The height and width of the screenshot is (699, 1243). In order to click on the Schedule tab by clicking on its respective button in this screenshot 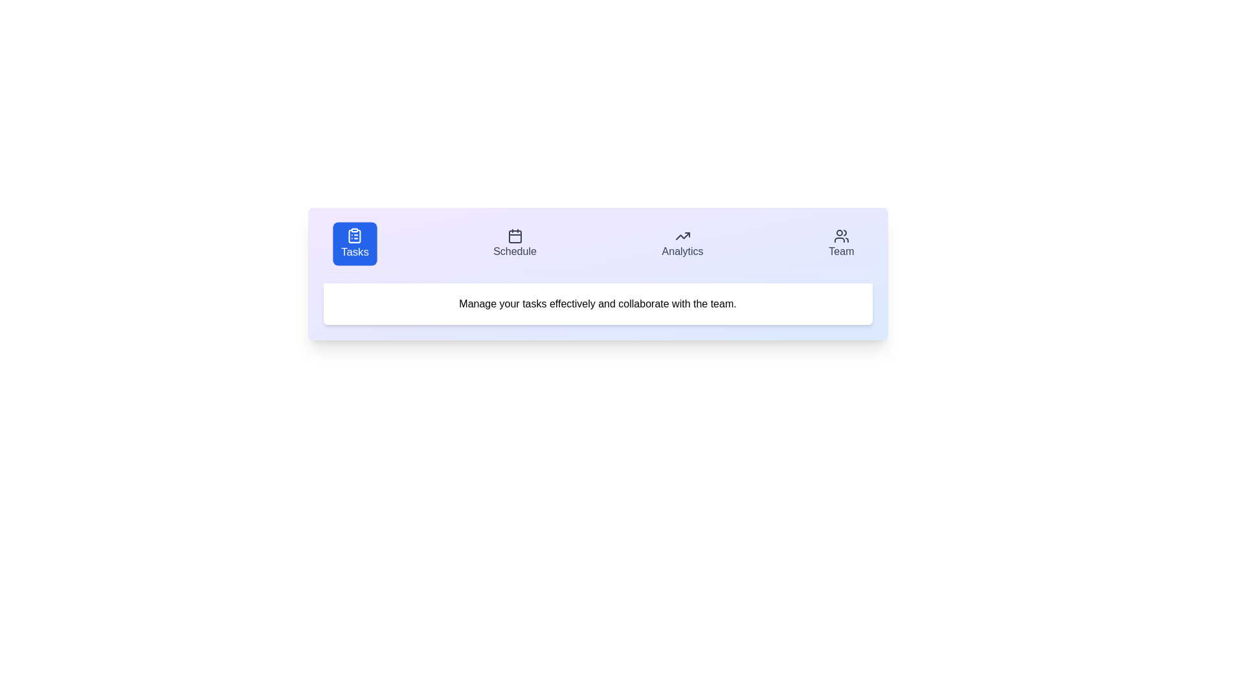, I will do `click(514, 244)`.